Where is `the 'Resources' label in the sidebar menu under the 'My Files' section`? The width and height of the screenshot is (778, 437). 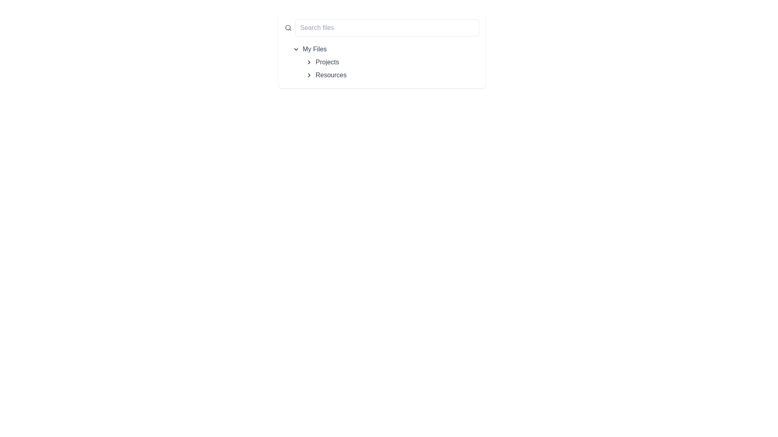 the 'Resources' label in the sidebar menu under the 'My Files' section is located at coordinates (331, 75).